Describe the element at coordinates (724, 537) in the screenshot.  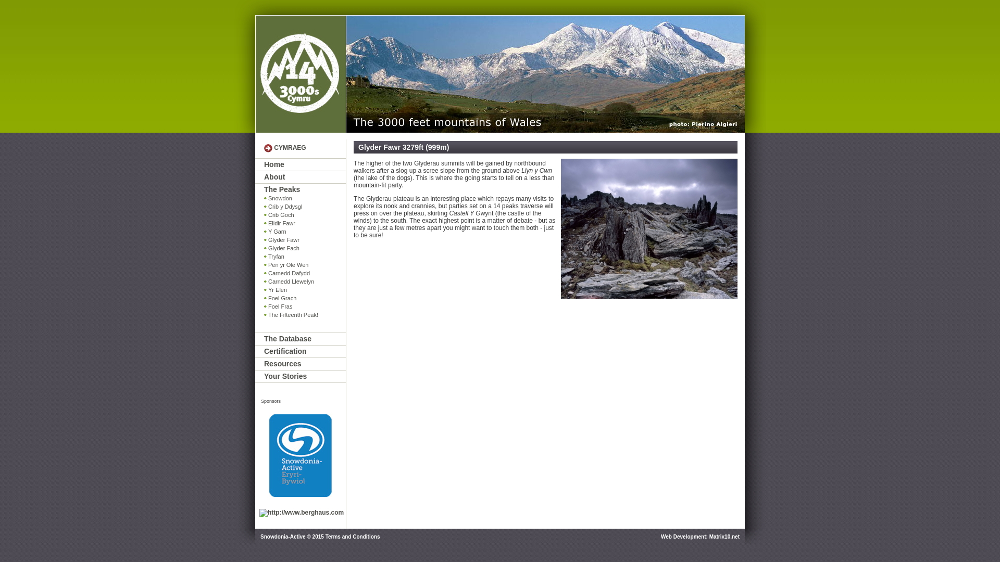
I see `'Matrix10.net'` at that location.